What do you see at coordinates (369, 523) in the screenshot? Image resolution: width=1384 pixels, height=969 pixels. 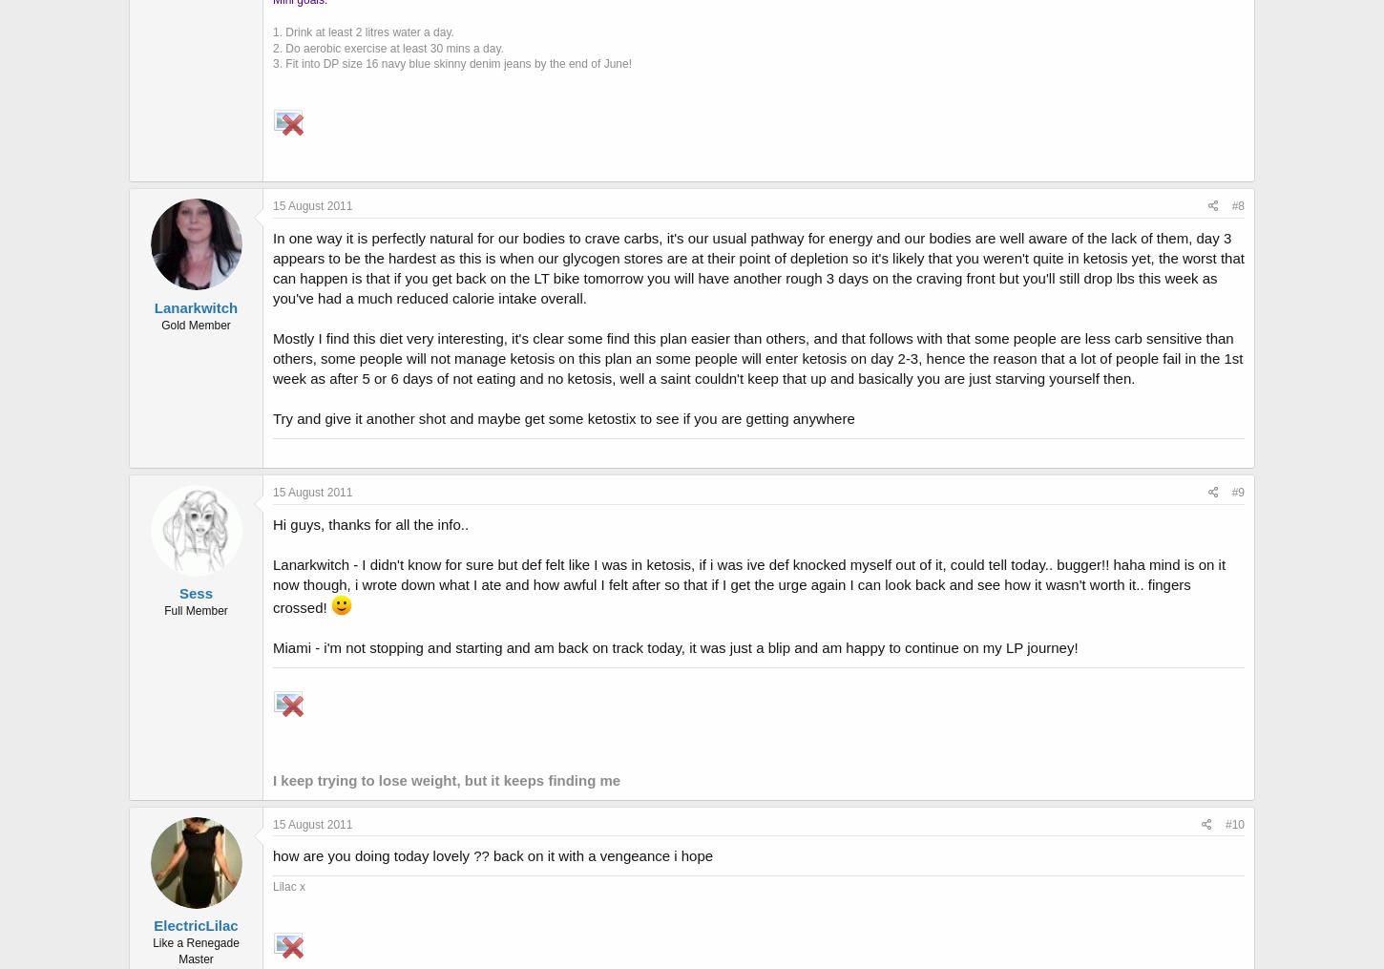 I see `'Hi guys, thanks for all the info..'` at bounding box center [369, 523].